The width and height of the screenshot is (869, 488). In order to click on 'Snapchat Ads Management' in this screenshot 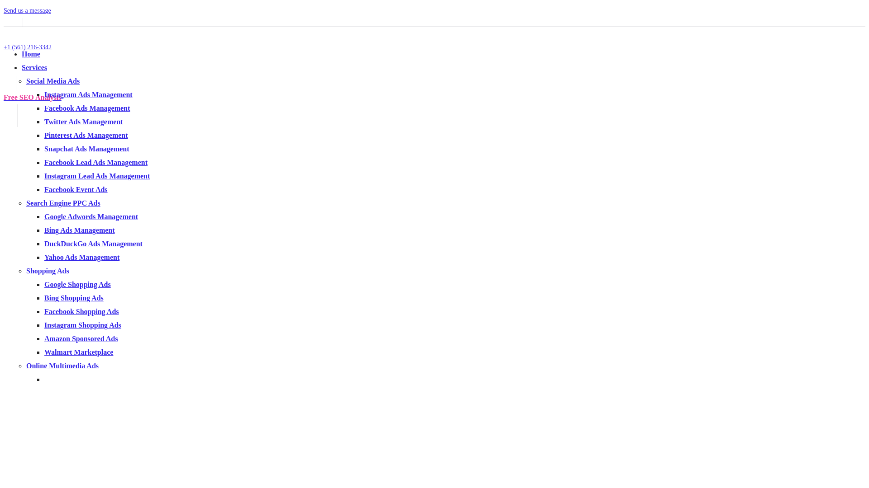, I will do `click(87, 148)`.